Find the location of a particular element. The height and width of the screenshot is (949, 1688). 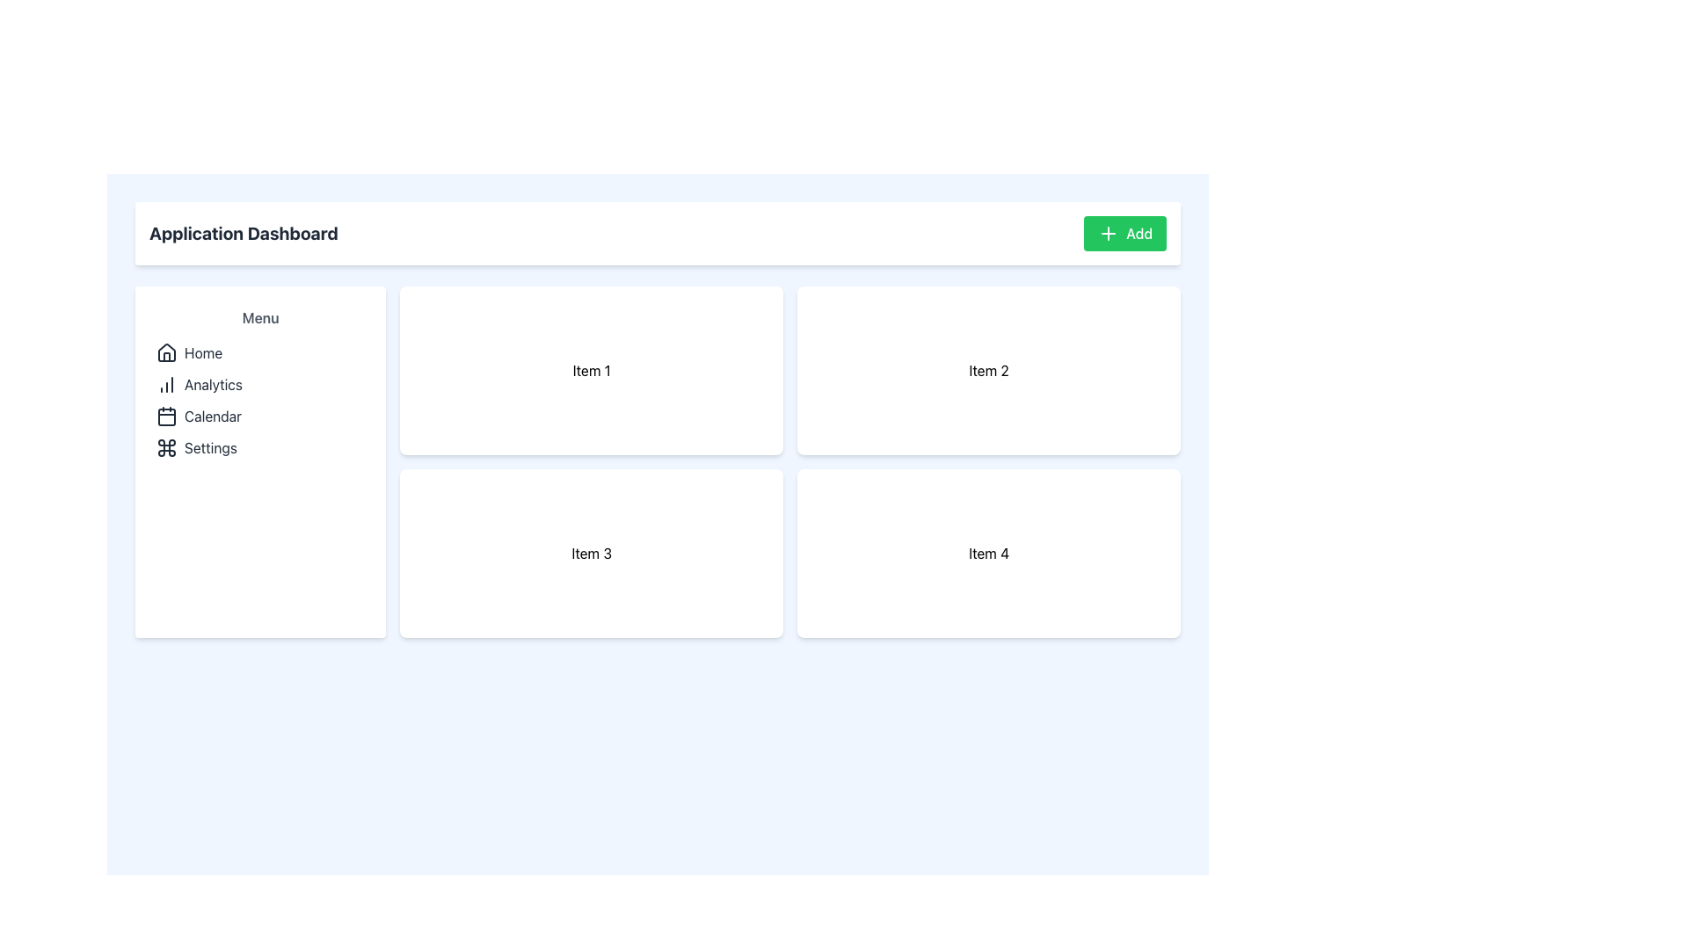

the minimalistic home icon located in the left navigation menu beside the 'Home' label is located at coordinates (167, 352).